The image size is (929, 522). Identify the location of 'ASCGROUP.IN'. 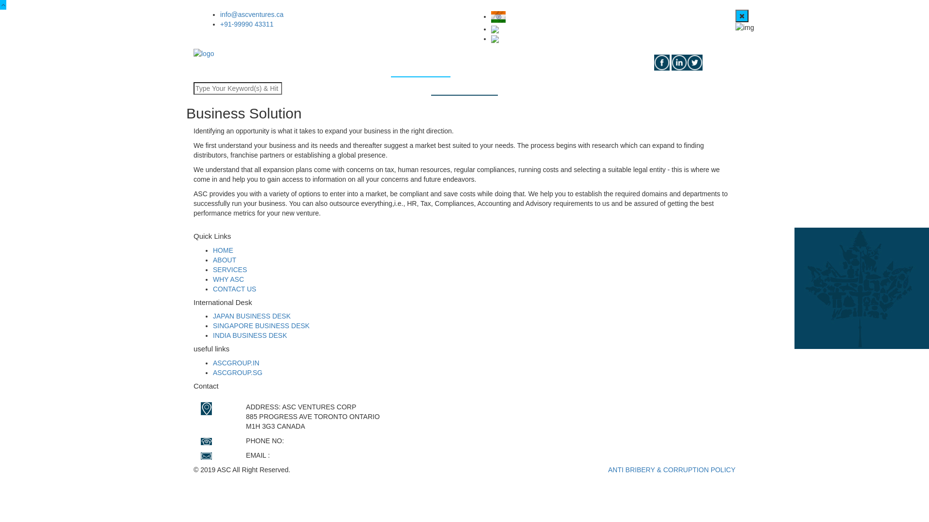
(236, 362).